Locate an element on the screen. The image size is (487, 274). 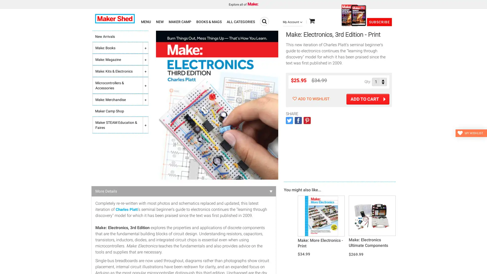
1 is located at coordinates (379, 81).